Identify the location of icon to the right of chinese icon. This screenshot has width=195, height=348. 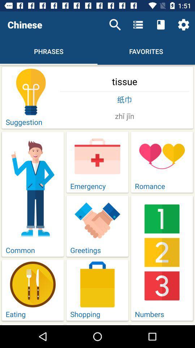
(115, 25).